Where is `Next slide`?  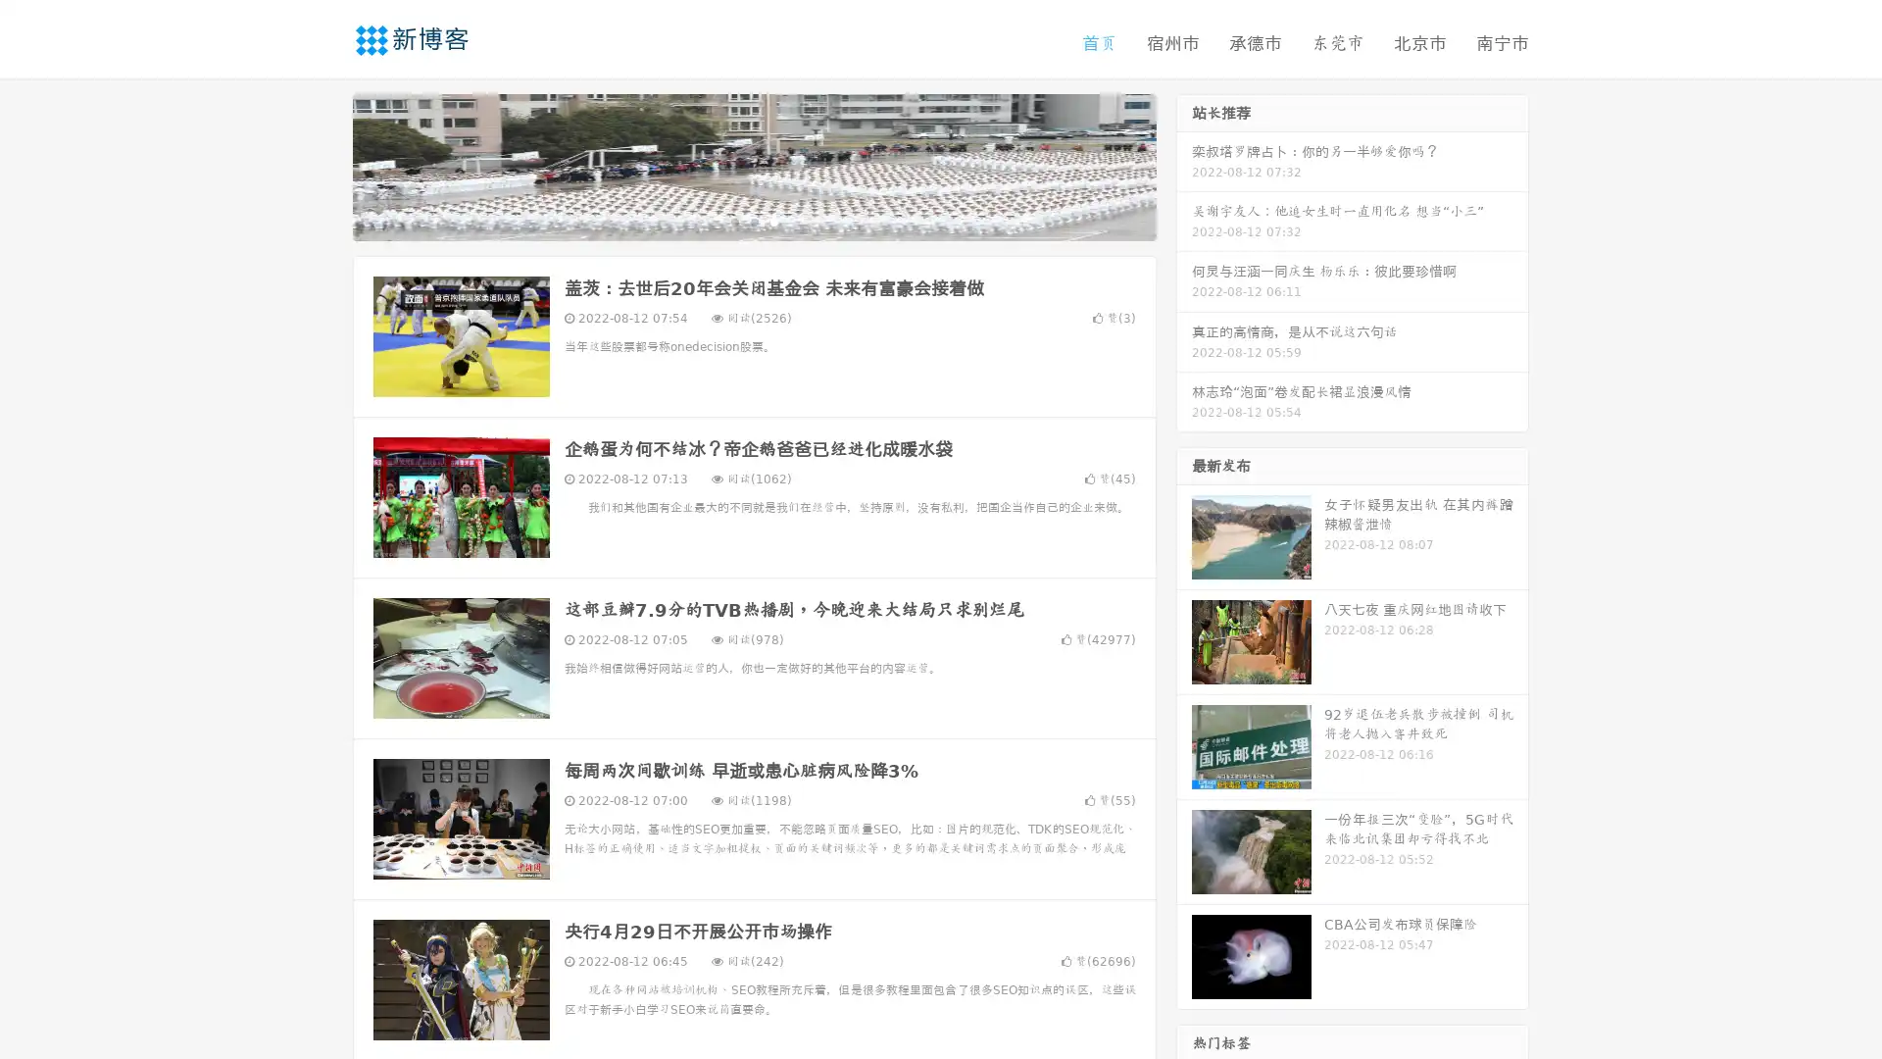
Next slide is located at coordinates (1184, 165).